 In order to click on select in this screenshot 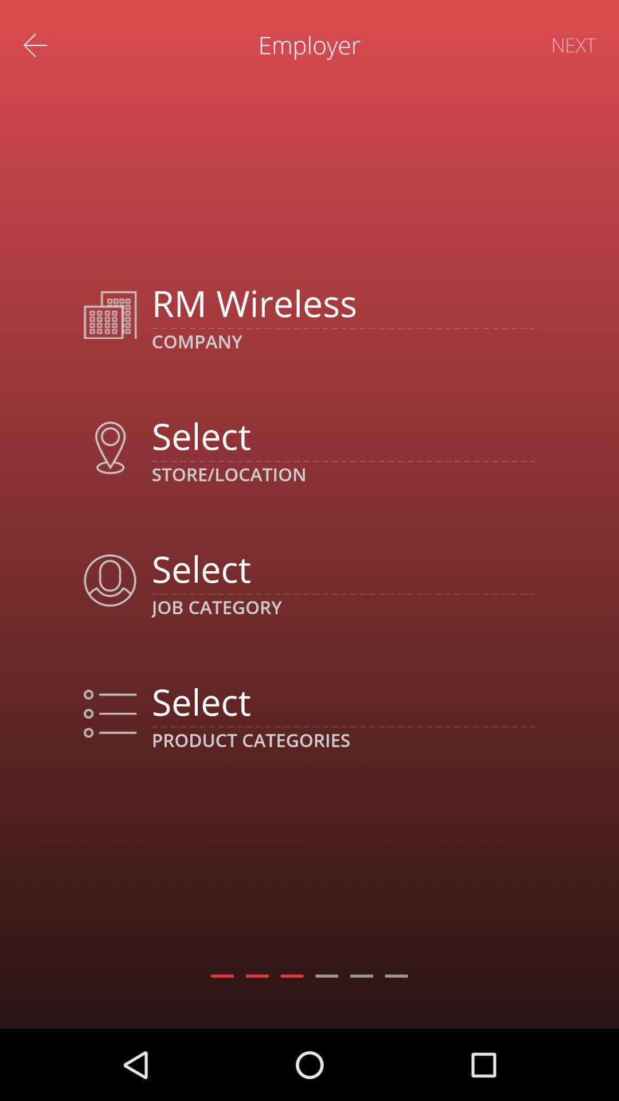, I will do `click(343, 701)`.